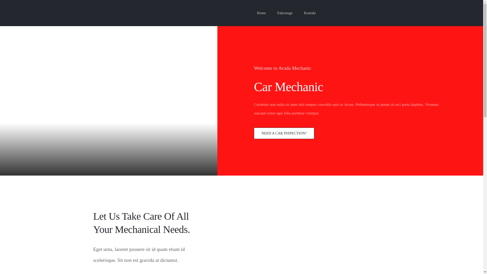  Describe the element at coordinates (257, 13) in the screenshot. I see `'Home'` at that location.